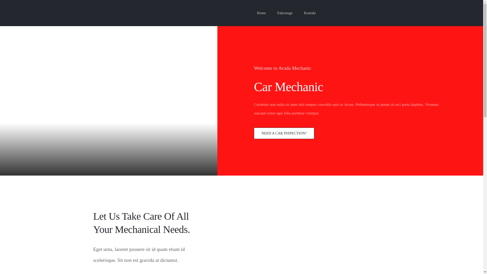  Describe the element at coordinates (257, 13) in the screenshot. I see `'Home'` at that location.